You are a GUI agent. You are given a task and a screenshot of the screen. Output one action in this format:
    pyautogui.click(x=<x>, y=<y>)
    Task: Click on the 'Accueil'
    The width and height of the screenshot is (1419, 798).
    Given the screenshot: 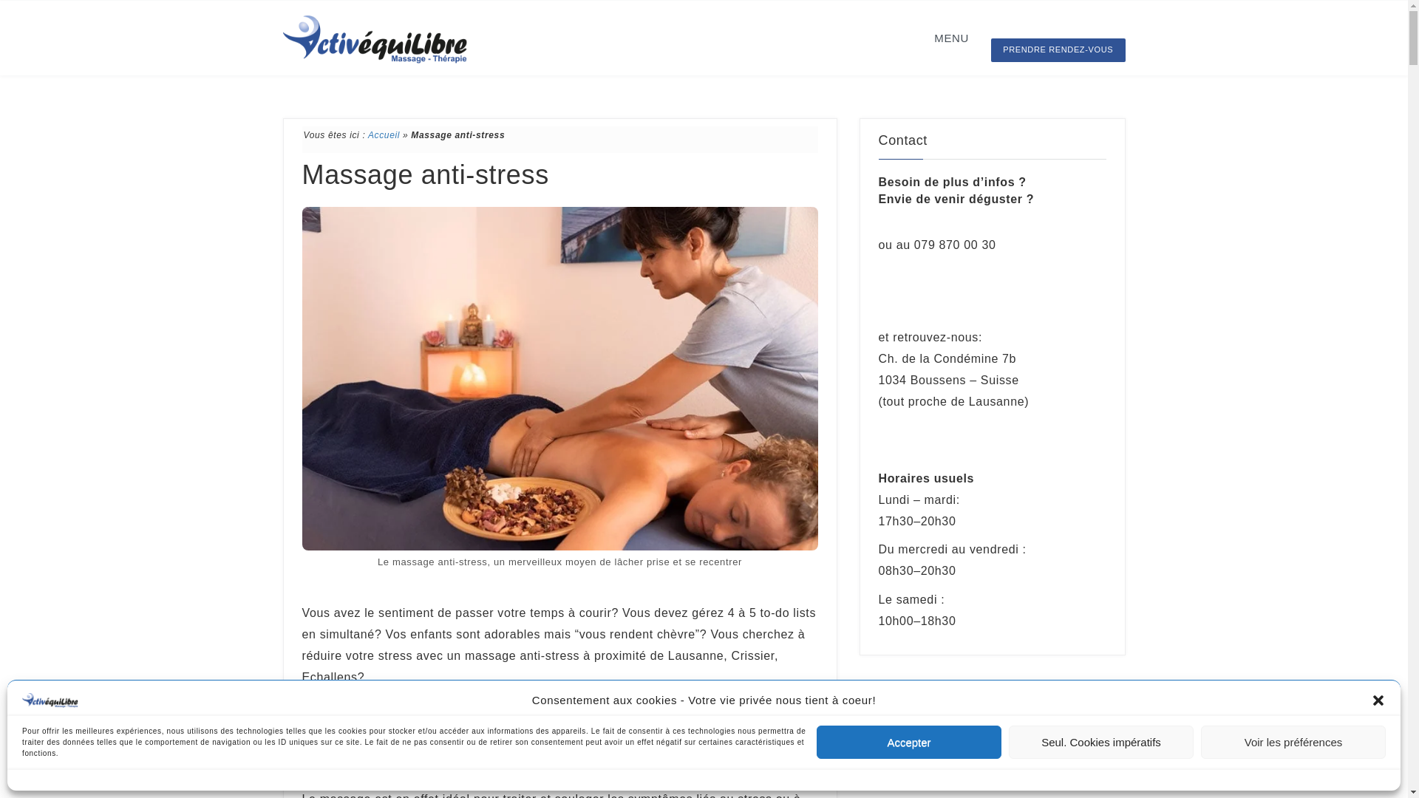 What is the action you would take?
    pyautogui.click(x=384, y=134)
    